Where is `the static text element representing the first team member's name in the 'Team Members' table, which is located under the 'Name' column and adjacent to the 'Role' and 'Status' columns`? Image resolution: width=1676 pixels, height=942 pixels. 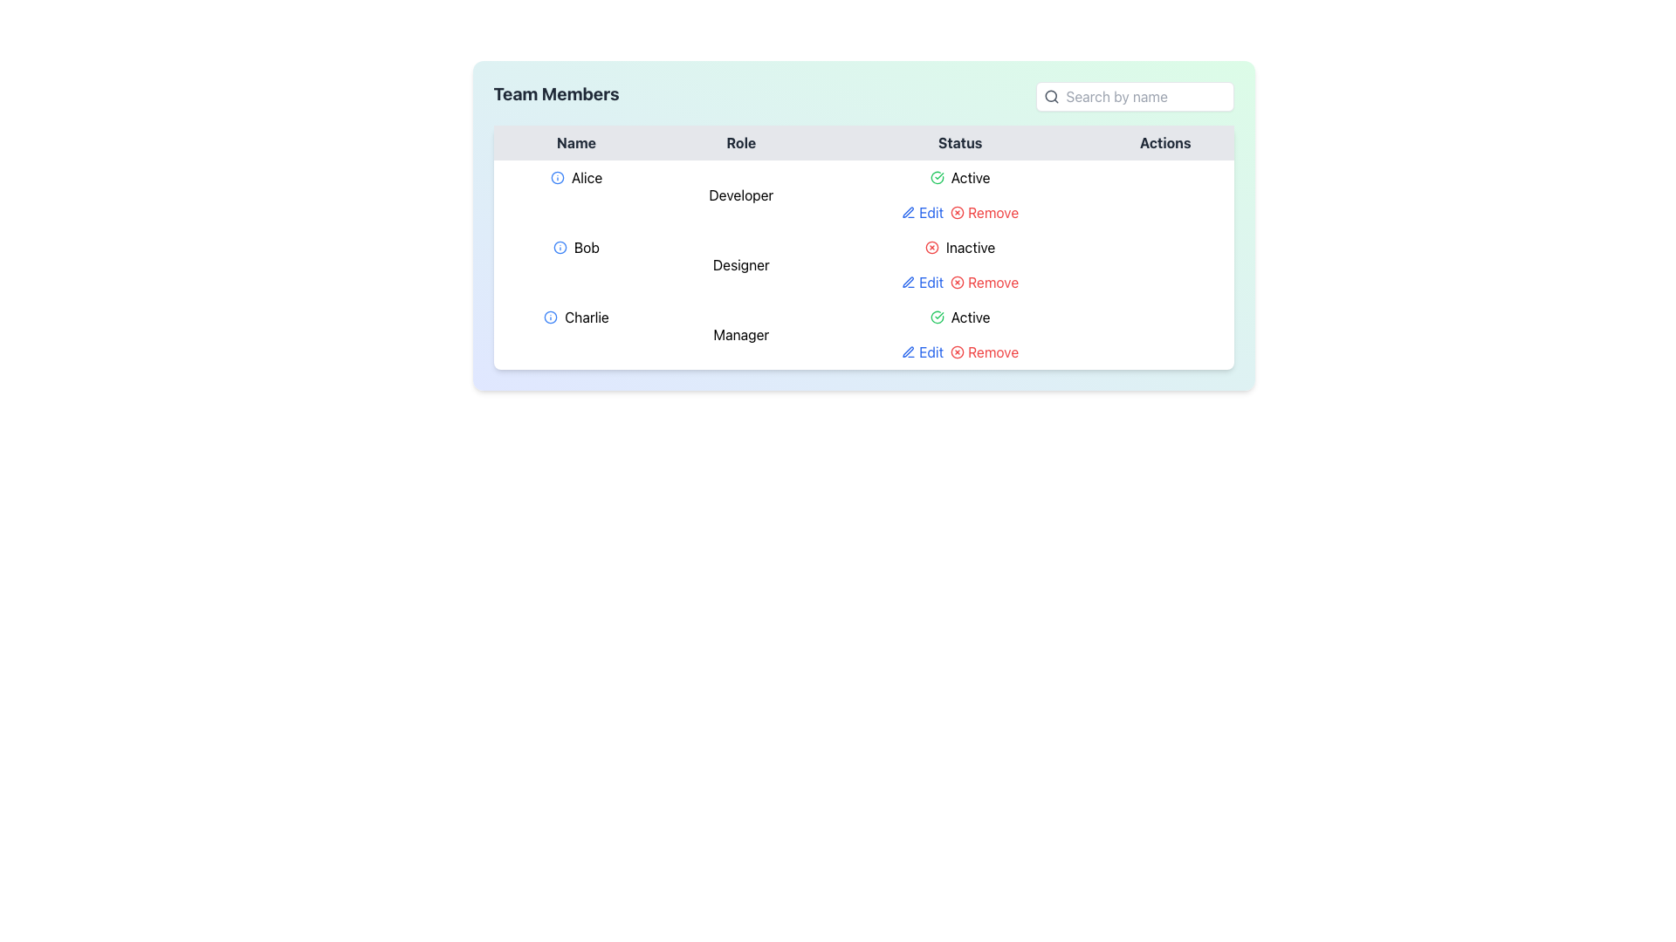 the static text element representing the first team member's name in the 'Team Members' table, which is located under the 'Name' column and adjacent to the 'Role' and 'Status' columns is located at coordinates (576, 178).